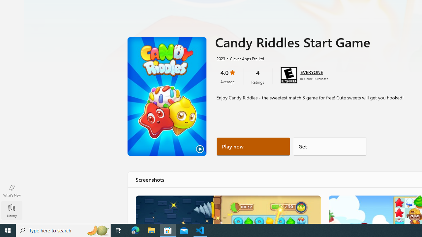 The height and width of the screenshot is (237, 422). What do you see at coordinates (12, 208) in the screenshot?
I see `'Library'` at bounding box center [12, 208].